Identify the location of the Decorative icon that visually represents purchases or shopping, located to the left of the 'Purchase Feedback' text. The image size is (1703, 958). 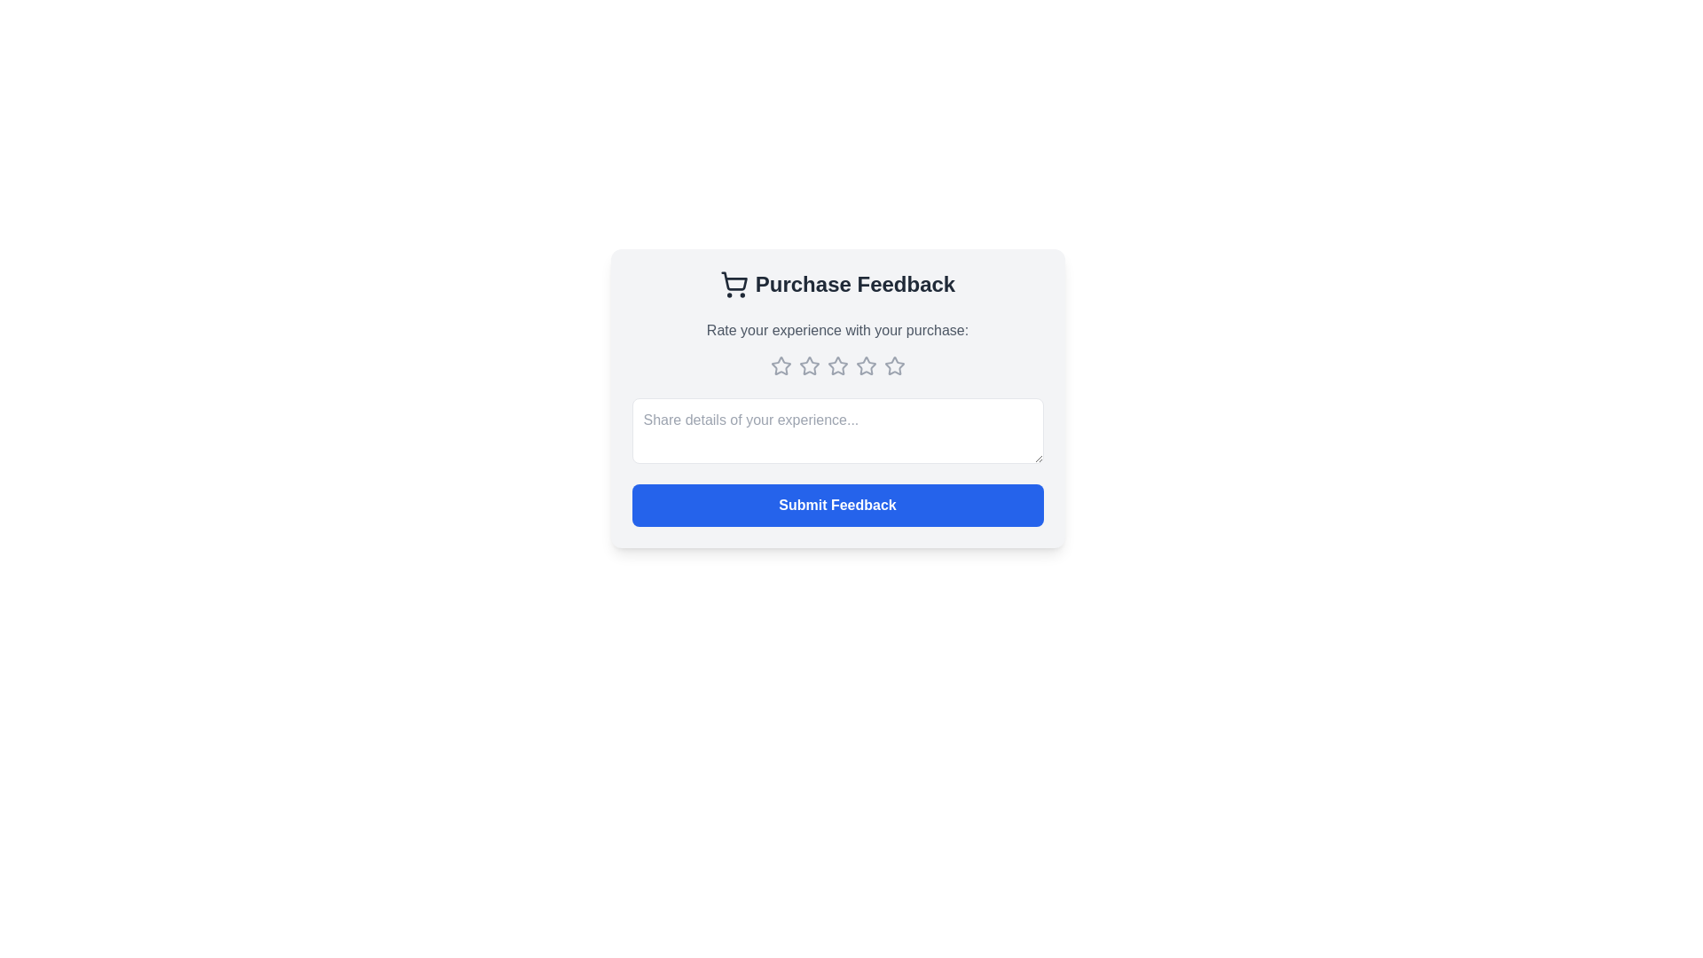
(734, 283).